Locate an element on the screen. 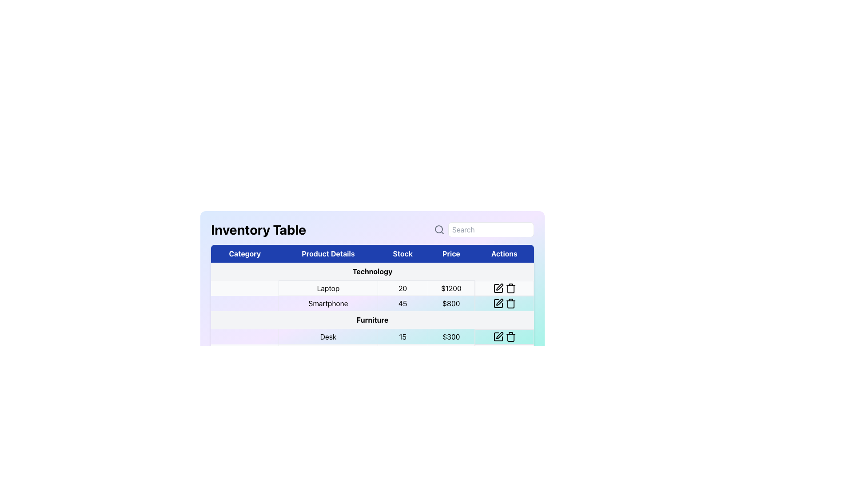  the trash bin icon subcomponent in the second row of the 'Actions' column, associated with the 'Smartphone' product is located at coordinates (510, 304).